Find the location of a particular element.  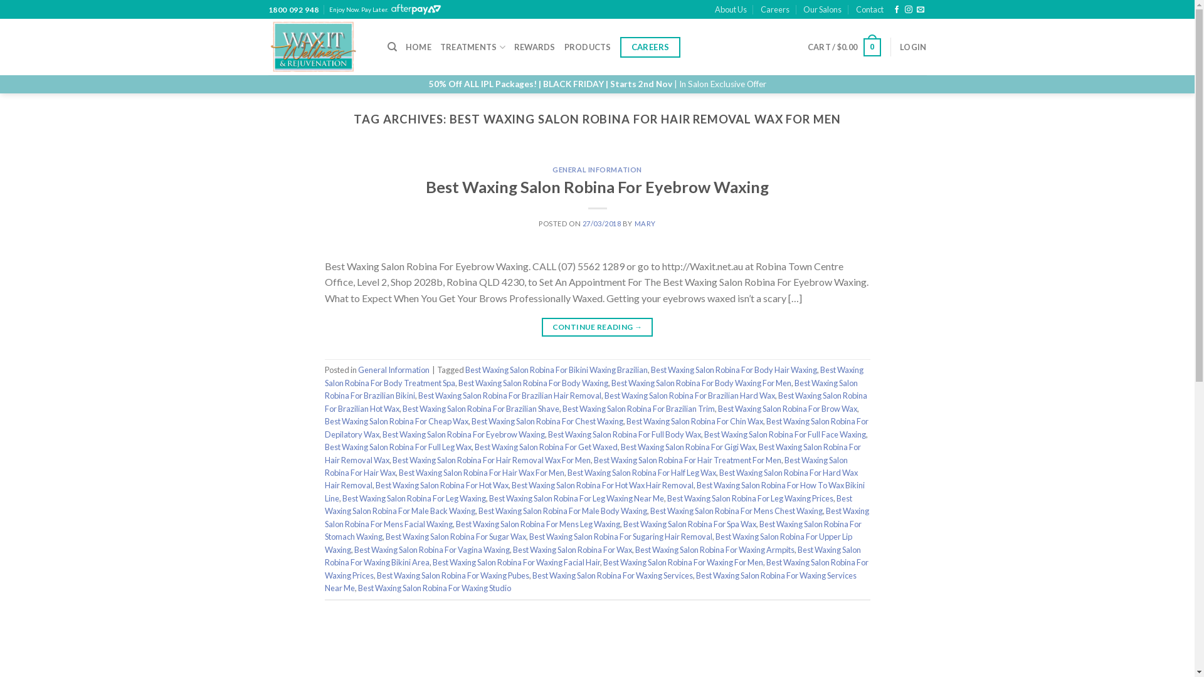

'Follow on Instagram' is located at coordinates (909, 9).